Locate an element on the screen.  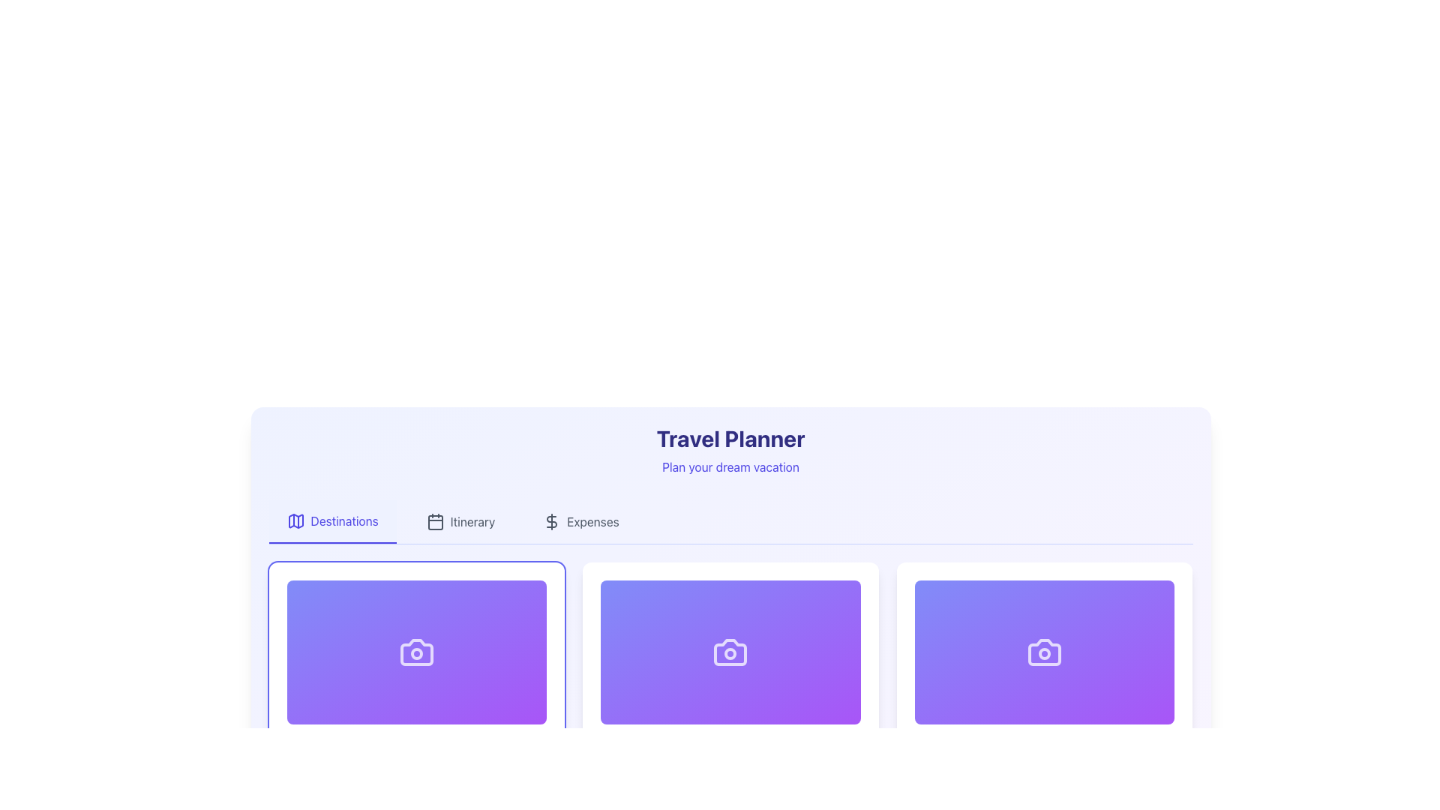
the rectangular widget with a gradient background from indigo to purple that contains a camera icon, which is located as the third card from the left in the row of destination cards is located at coordinates (1044, 652).